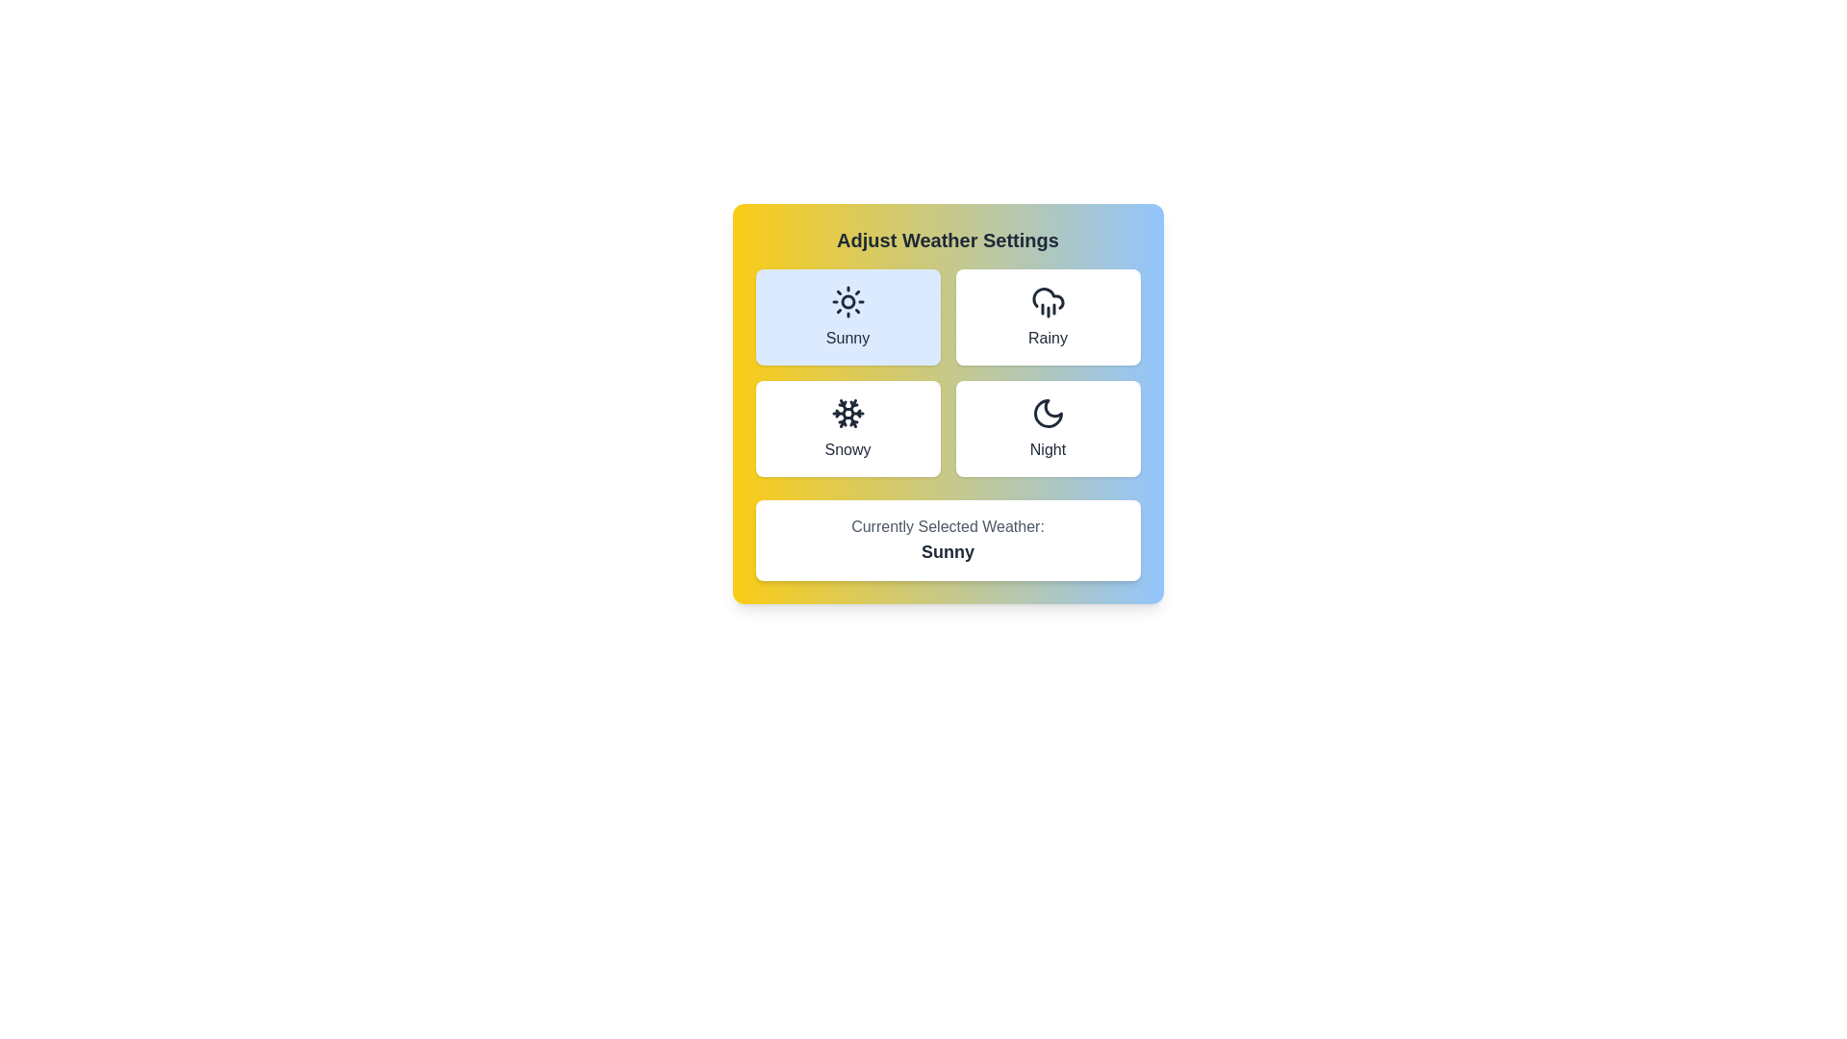 The image size is (1847, 1039). Describe the element at coordinates (1047, 317) in the screenshot. I see `the button representing the weather preference Rainy` at that location.